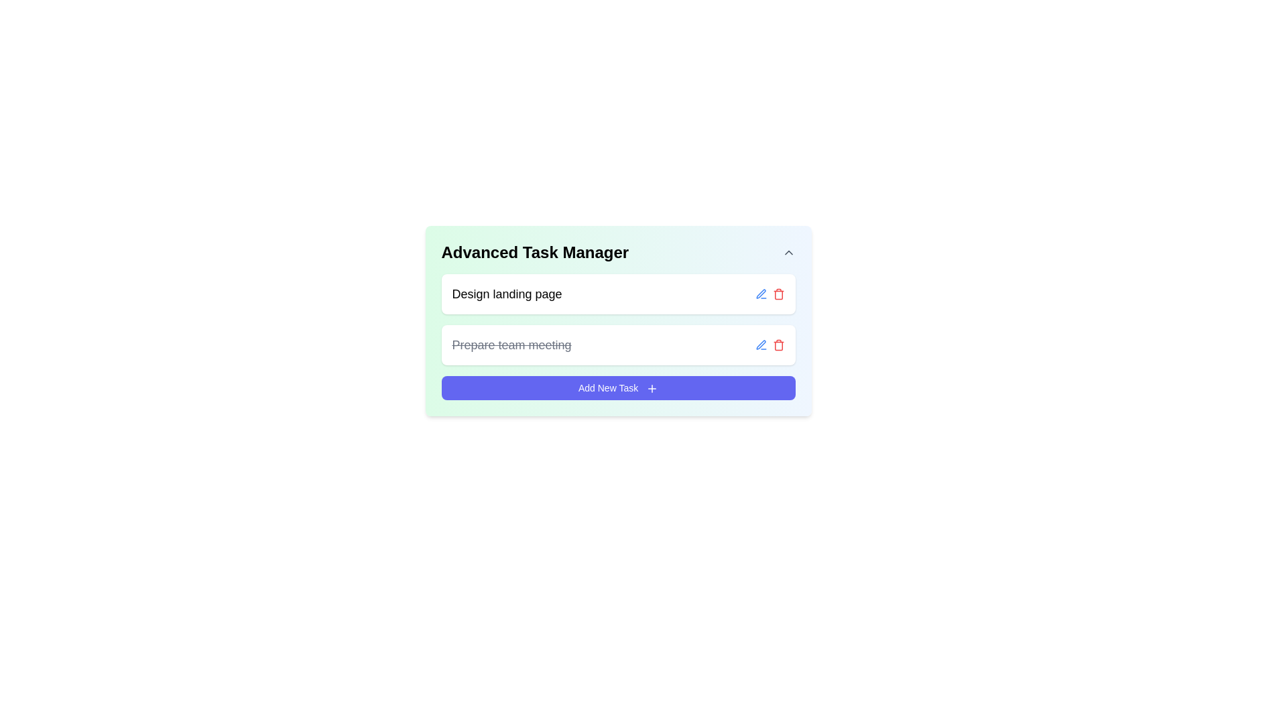  Describe the element at coordinates (534, 253) in the screenshot. I see `text content of the title element located at the top-left corner of the card, which serves to indicate the purpose or identity of the card contents` at that location.